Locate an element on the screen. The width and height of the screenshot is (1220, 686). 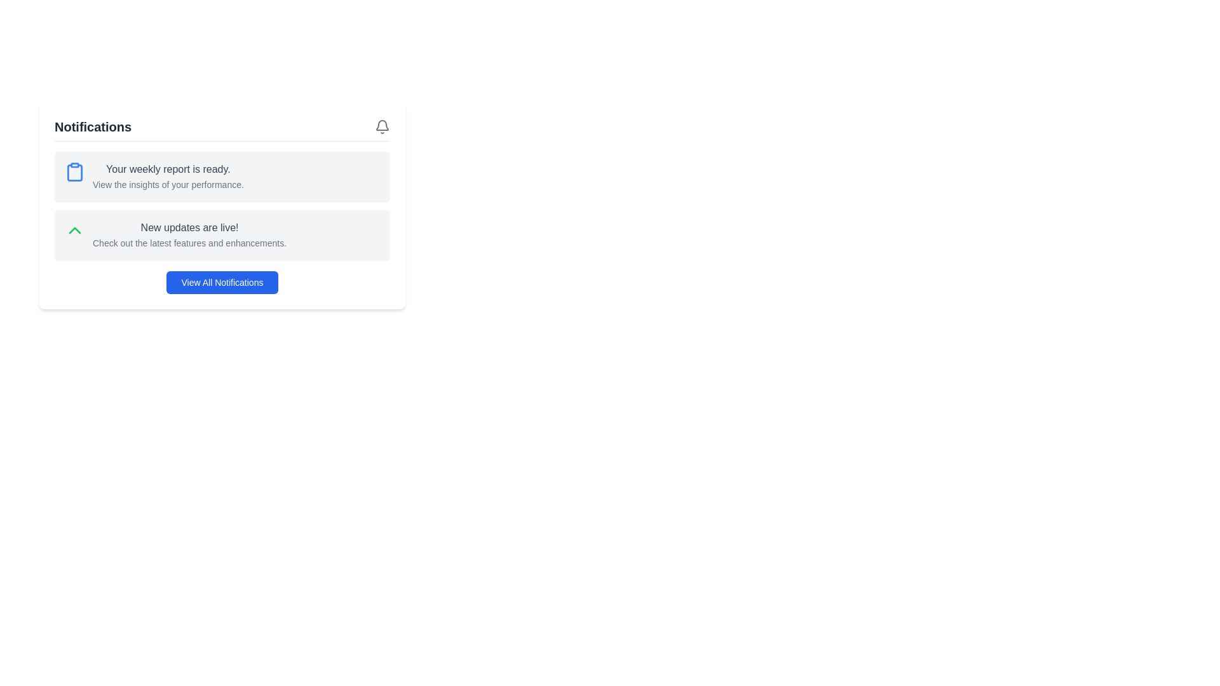
the green upward arrow icon, which is part of an SVG graphic and located in the top-right corner of the notifications interface is located at coordinates (74, 230).